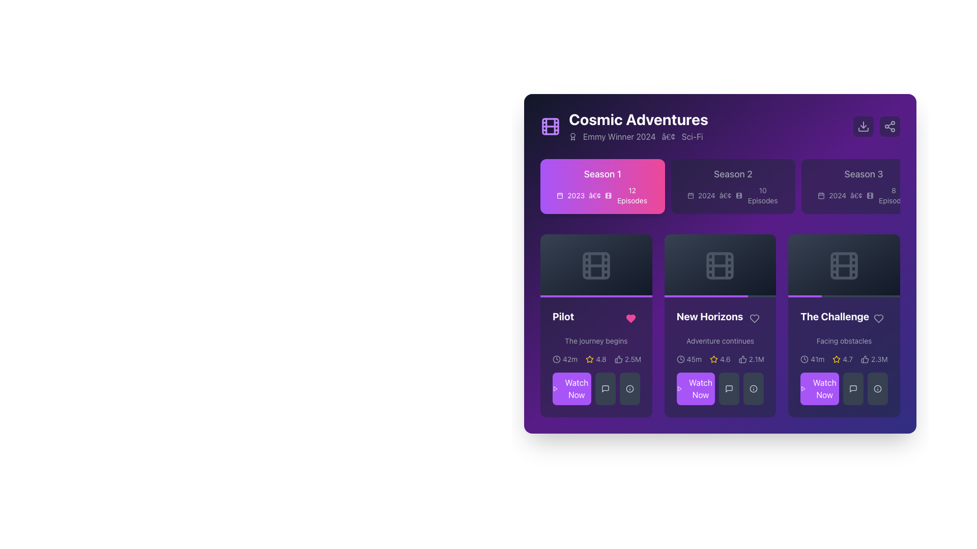 The image size is (977, 549). What do you see at coordinates (742, 358) in the screenshot?
I see `the Thumbs Up icon in the New Horizons section to like the content` at bounding box center [742, 358].